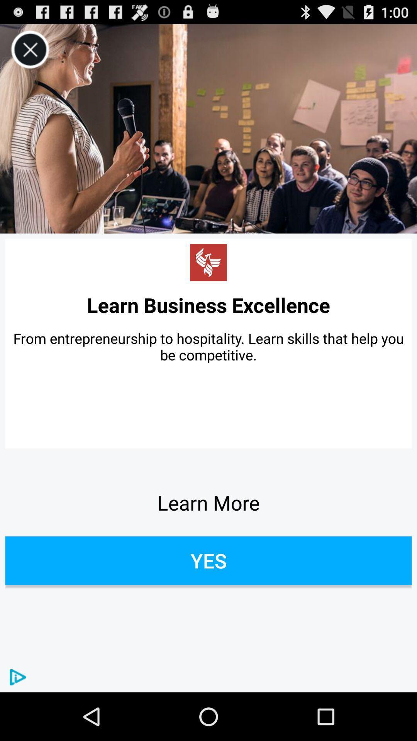 Image resolution: width=417 pixels, height=741 pixels. Describe the element at coordinates (208, 262) in the screenshot. I see `hyperlink` at that location.